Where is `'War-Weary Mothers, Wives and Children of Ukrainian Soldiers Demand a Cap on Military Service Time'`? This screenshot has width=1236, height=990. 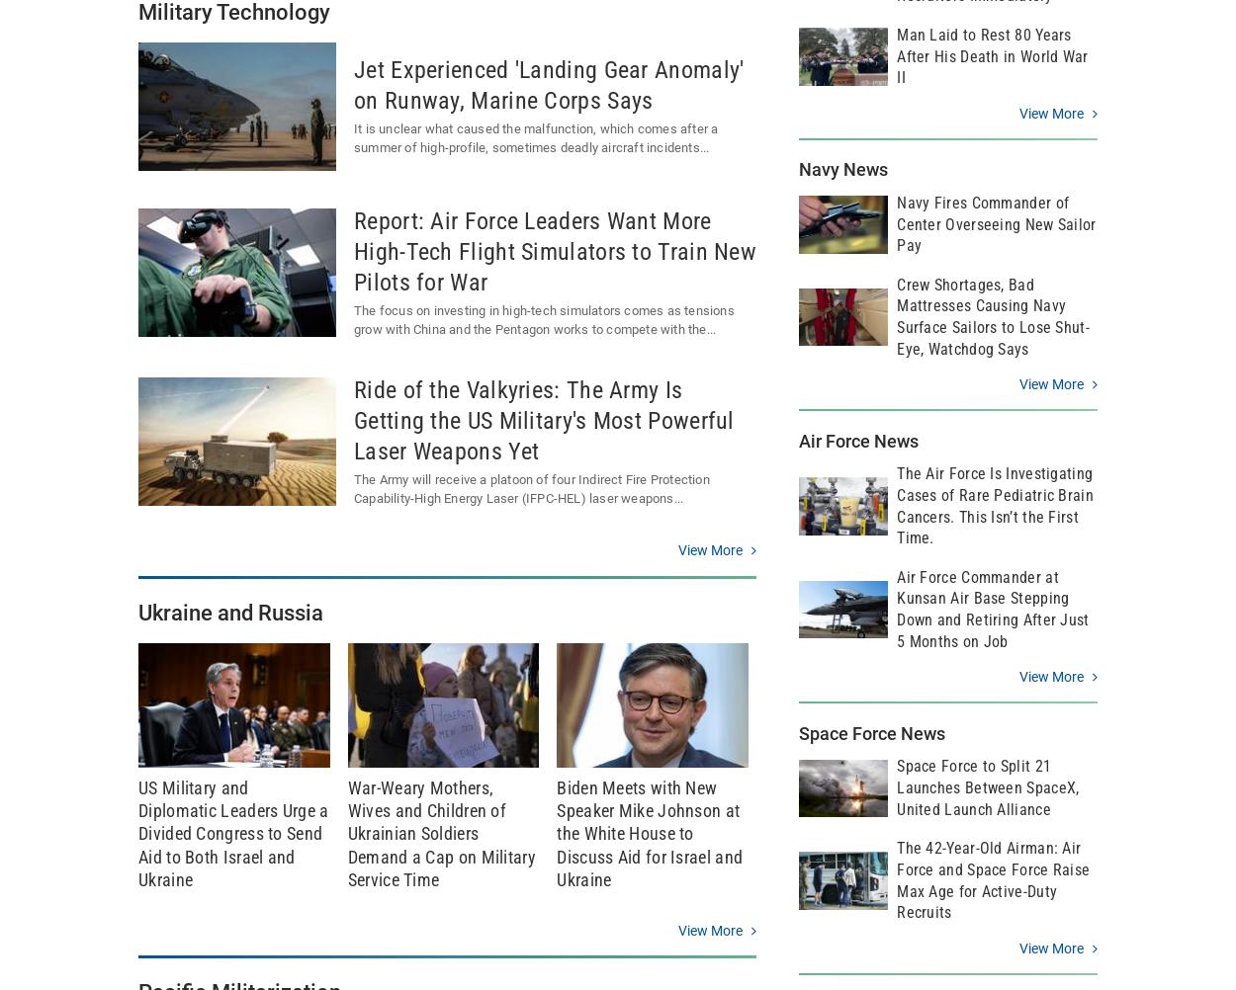 'War-Weary Mothers, Wives and Children of Ukrainian Soldiers Demand a Cap on Military Service Time' is located at coordinates (440, 833).